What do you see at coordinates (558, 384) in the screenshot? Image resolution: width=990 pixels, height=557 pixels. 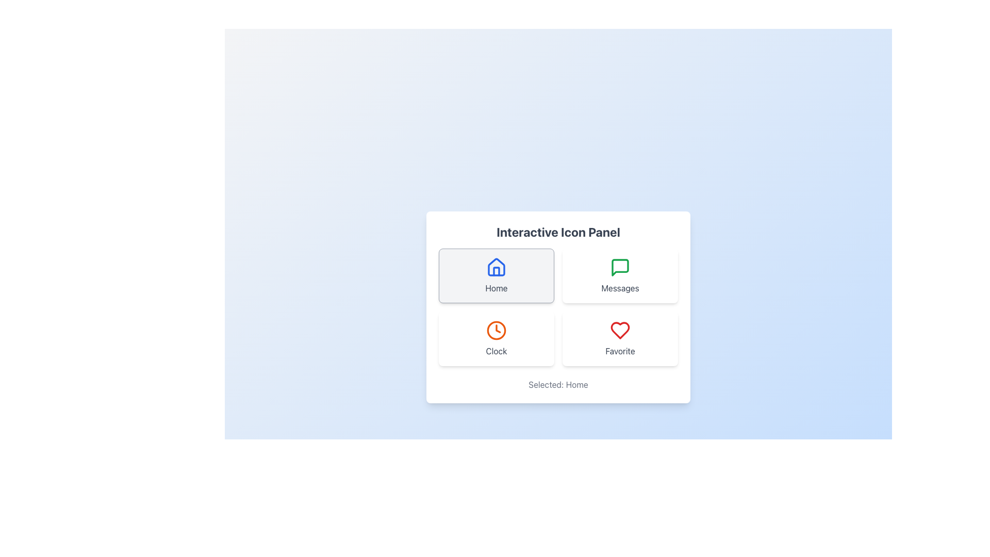 I see `text displayed in the text label that shows 'Selected: Home', which is located below a grid of icons within the white panel titled 'Interactive Icon Panel'` at bounding box center [558, 384].